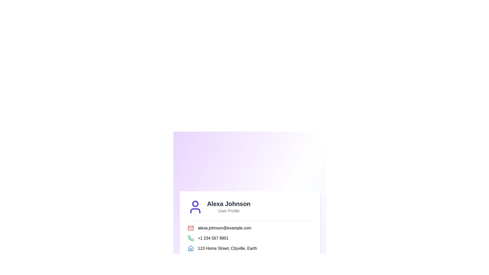 This screenshot has width=489, height=275. Describe the element at coordinates (250, 228) in the screenshot. I see `the email address 'alexa.johnson@example.com' with the accompanying red envelope icon, which is the first entry in the contact details list under the heading 'Alexa Johnson'` at that location.